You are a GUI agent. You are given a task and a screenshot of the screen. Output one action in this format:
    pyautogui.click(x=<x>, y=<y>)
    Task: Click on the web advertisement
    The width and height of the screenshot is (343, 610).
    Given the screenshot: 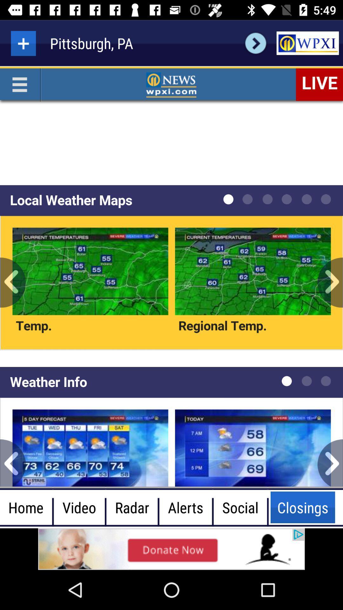 What is the action you would take?
    pyautogui.click(x=171, y=549)
    